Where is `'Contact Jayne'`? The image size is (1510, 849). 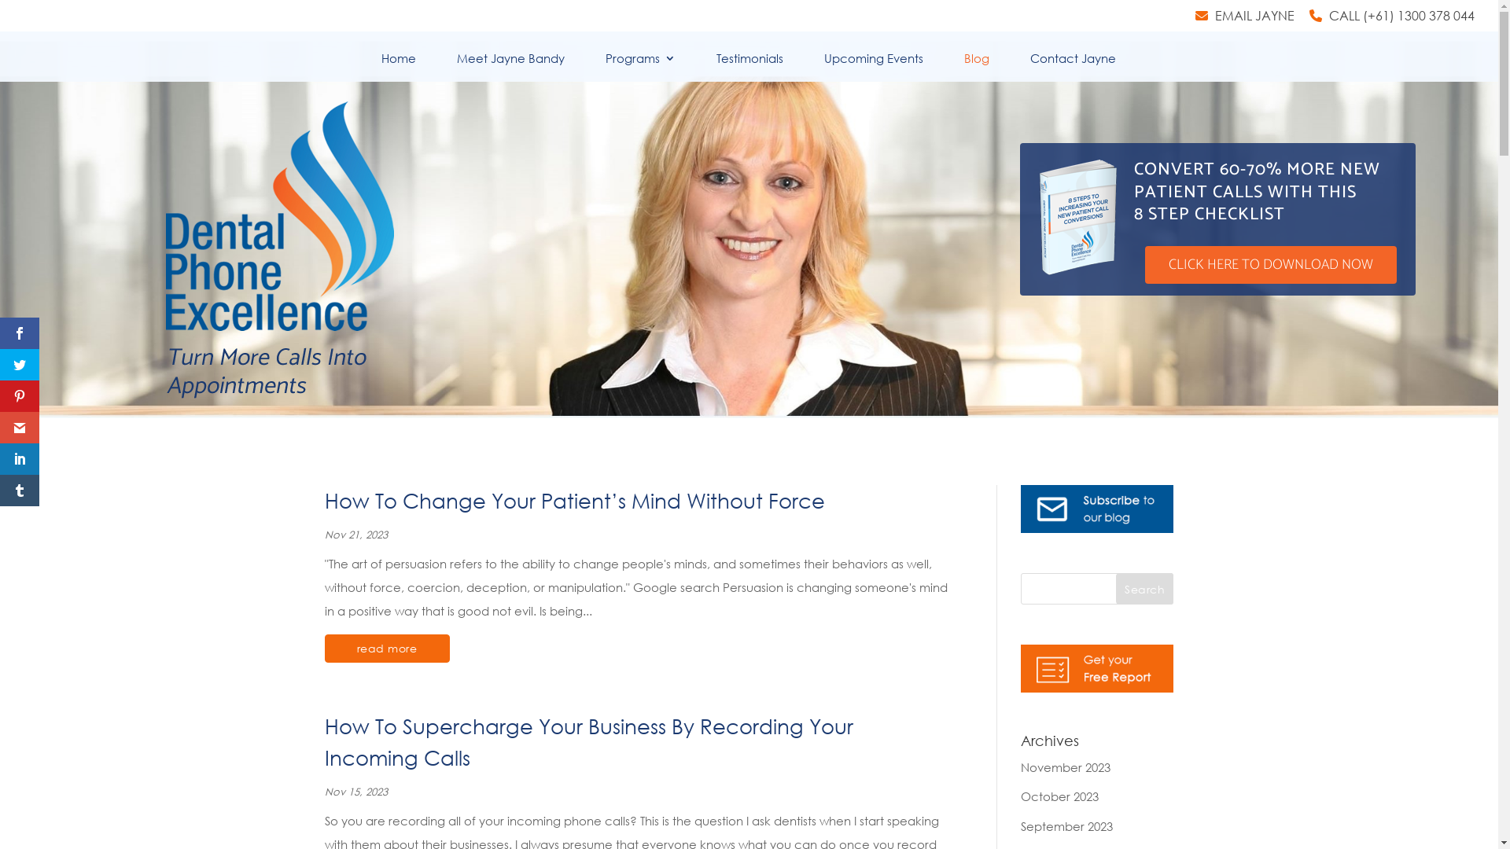 'Contact Jayne' is located at coordinates (1030, 66).